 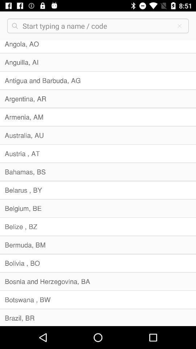 What do you see at coordinates (179, 26) in the screenshot?
I see `the close icon` at bounding box center [179, 26].